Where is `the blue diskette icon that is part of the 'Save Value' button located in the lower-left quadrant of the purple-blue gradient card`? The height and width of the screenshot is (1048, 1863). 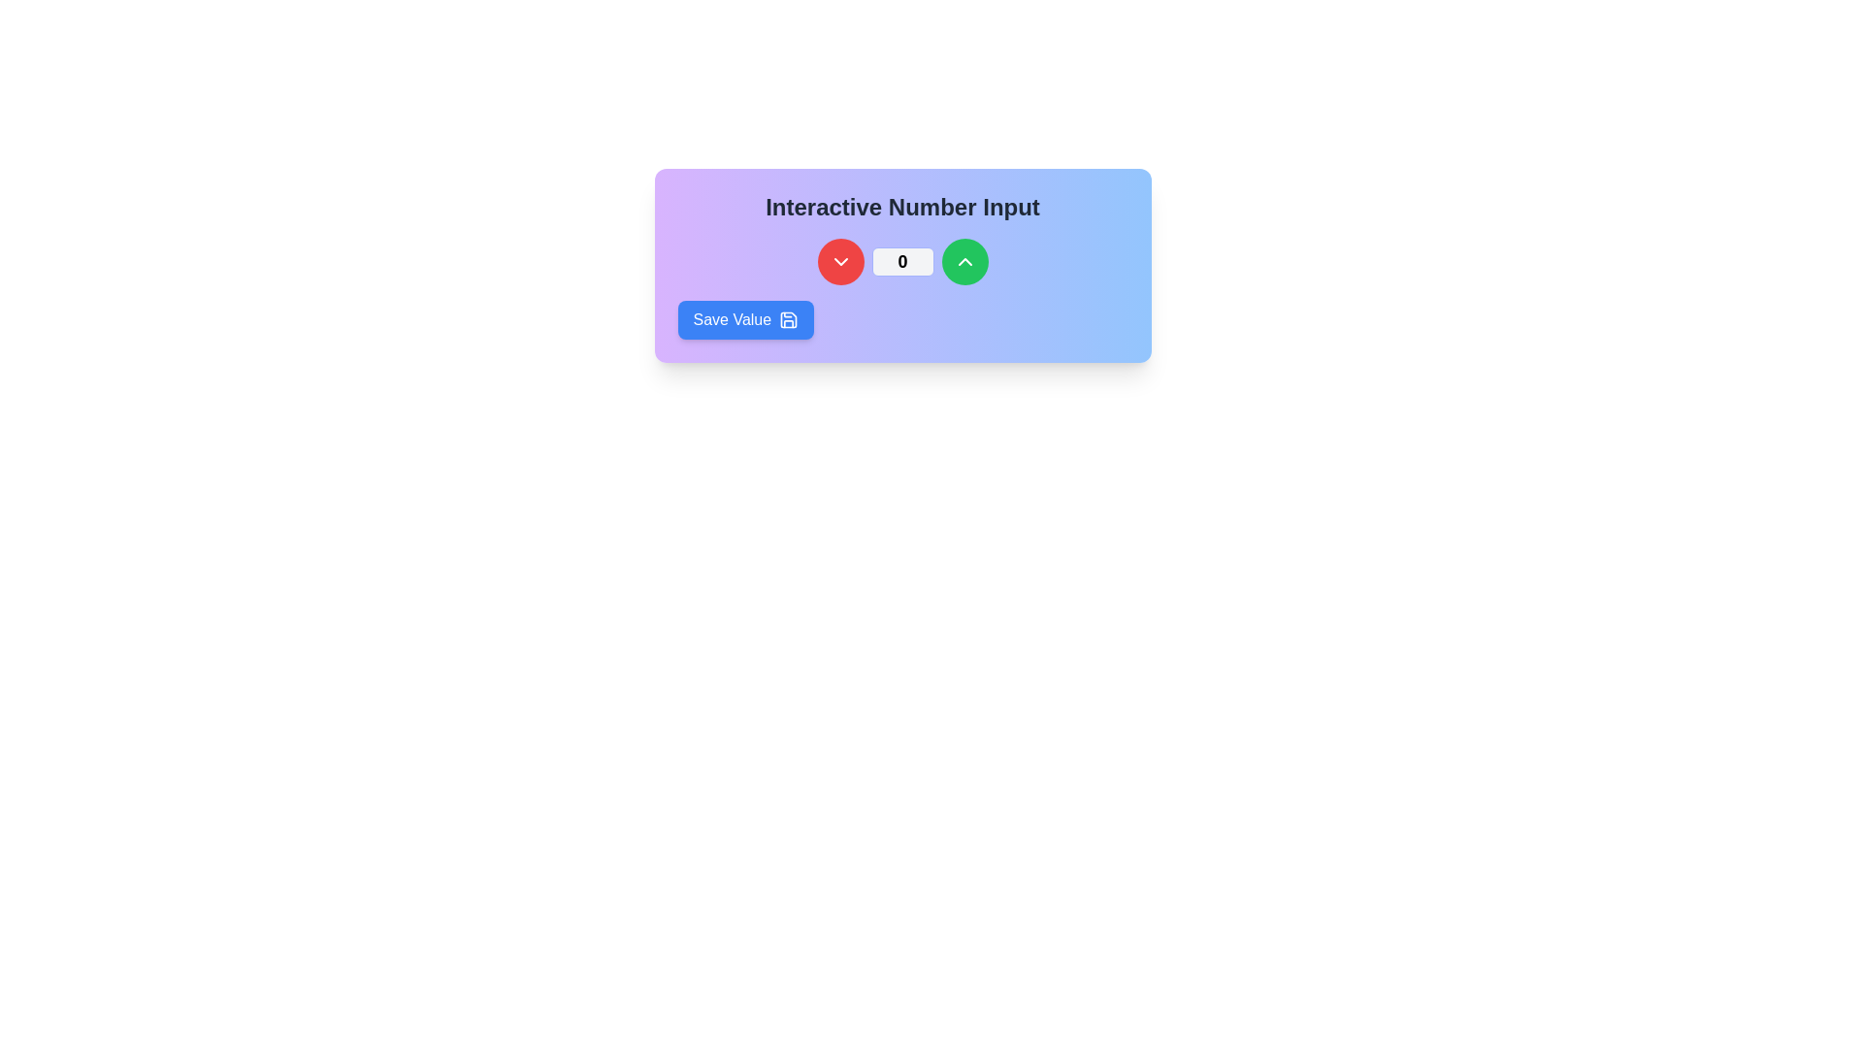 the blue diskette icon that is part of the 'Save Value' button located in the lower-left quadrant of the purple-blue gradient card is located at coordinates (789, 319).